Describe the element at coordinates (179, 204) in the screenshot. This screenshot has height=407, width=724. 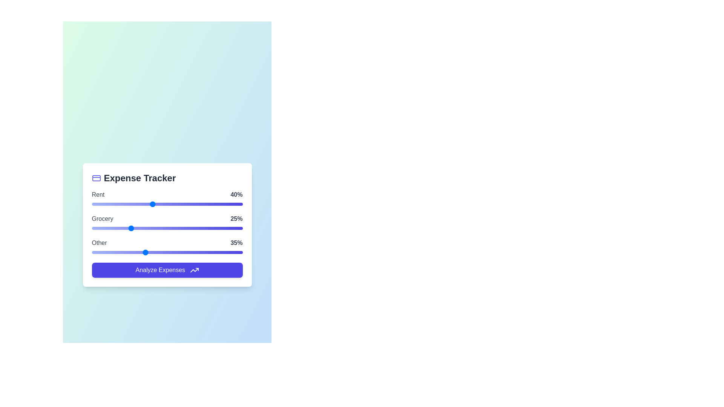
I see `the 'Rent' slider to 58%` at that location.